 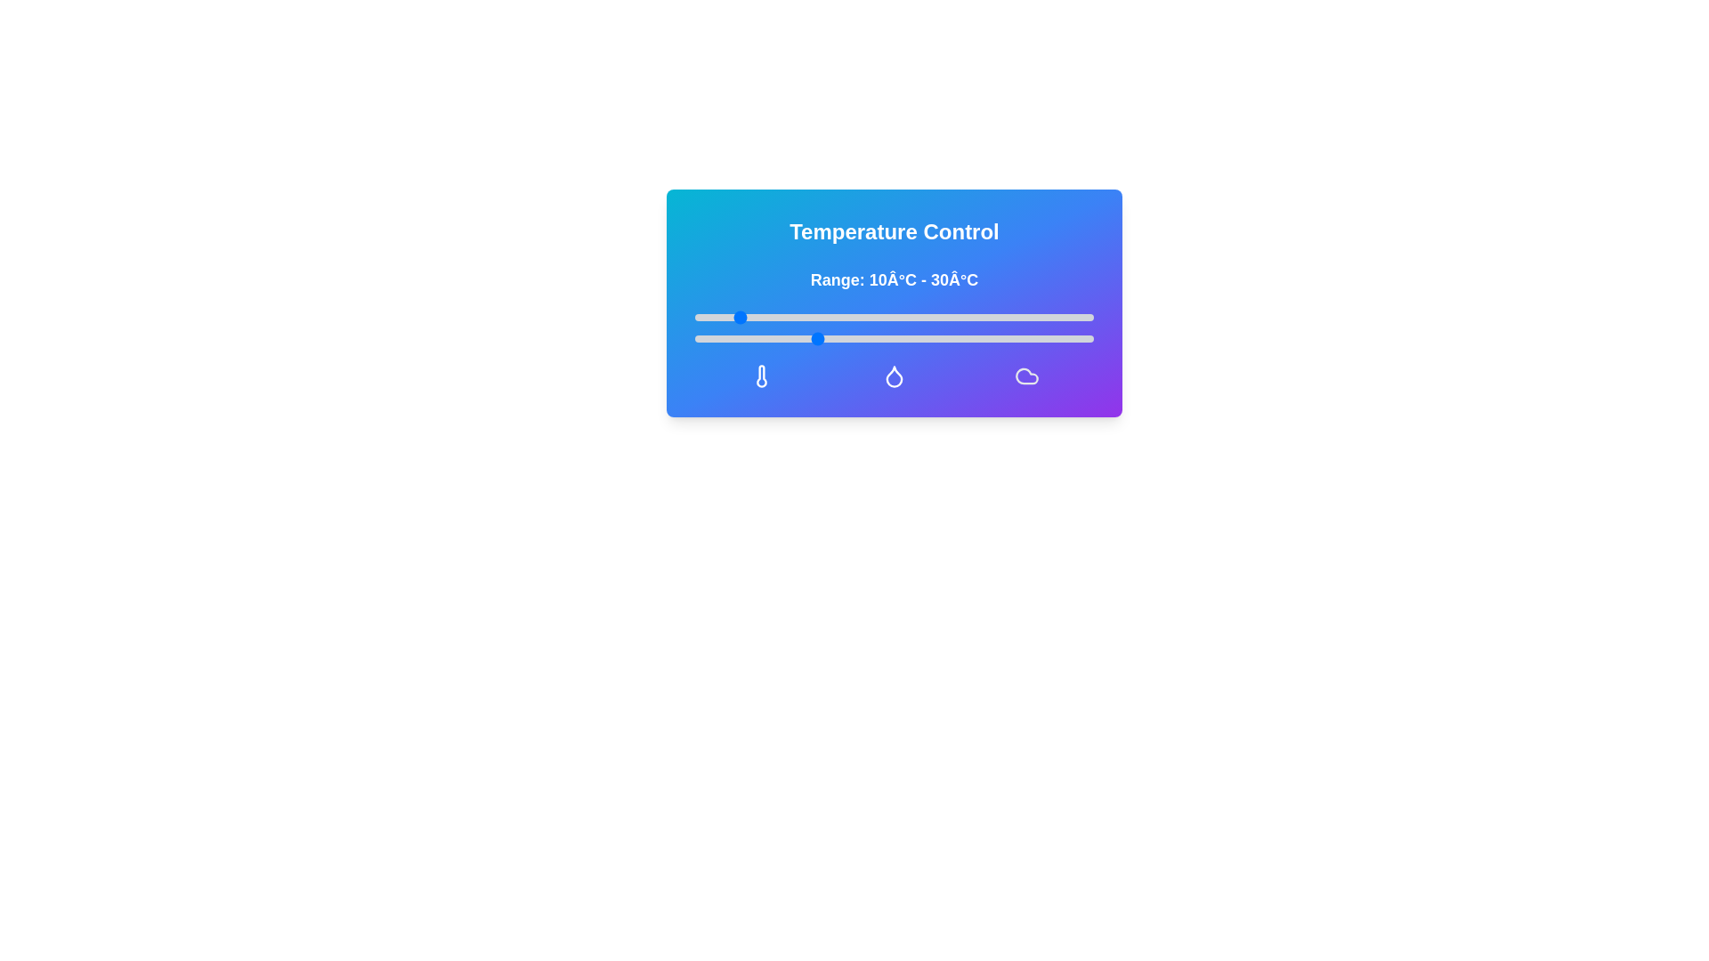 I want to click on the slider, so click(x=858, y=339).